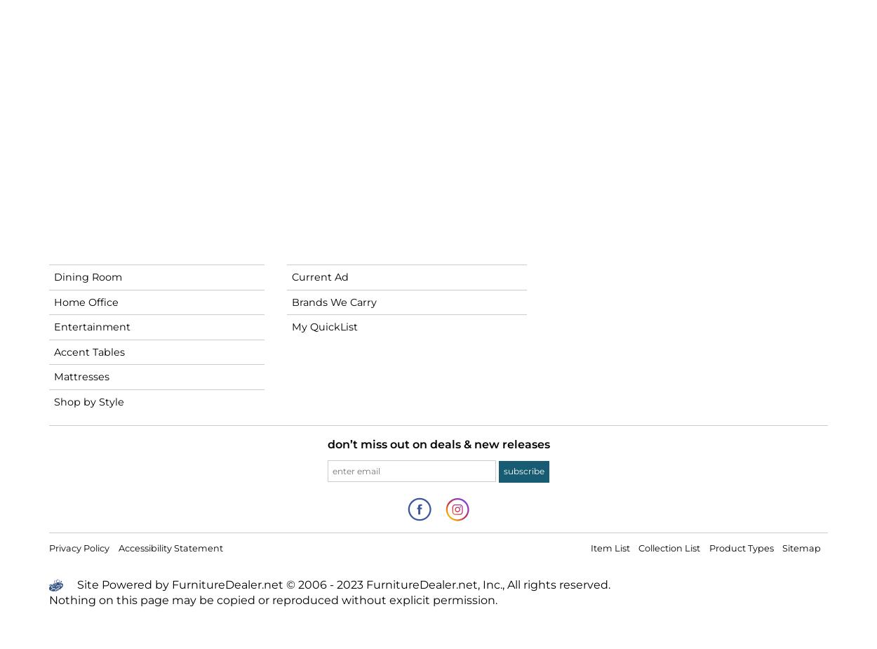 This screenshot has width=877, height=649. I want to click on 'Accent Tables', so click(89, 351).